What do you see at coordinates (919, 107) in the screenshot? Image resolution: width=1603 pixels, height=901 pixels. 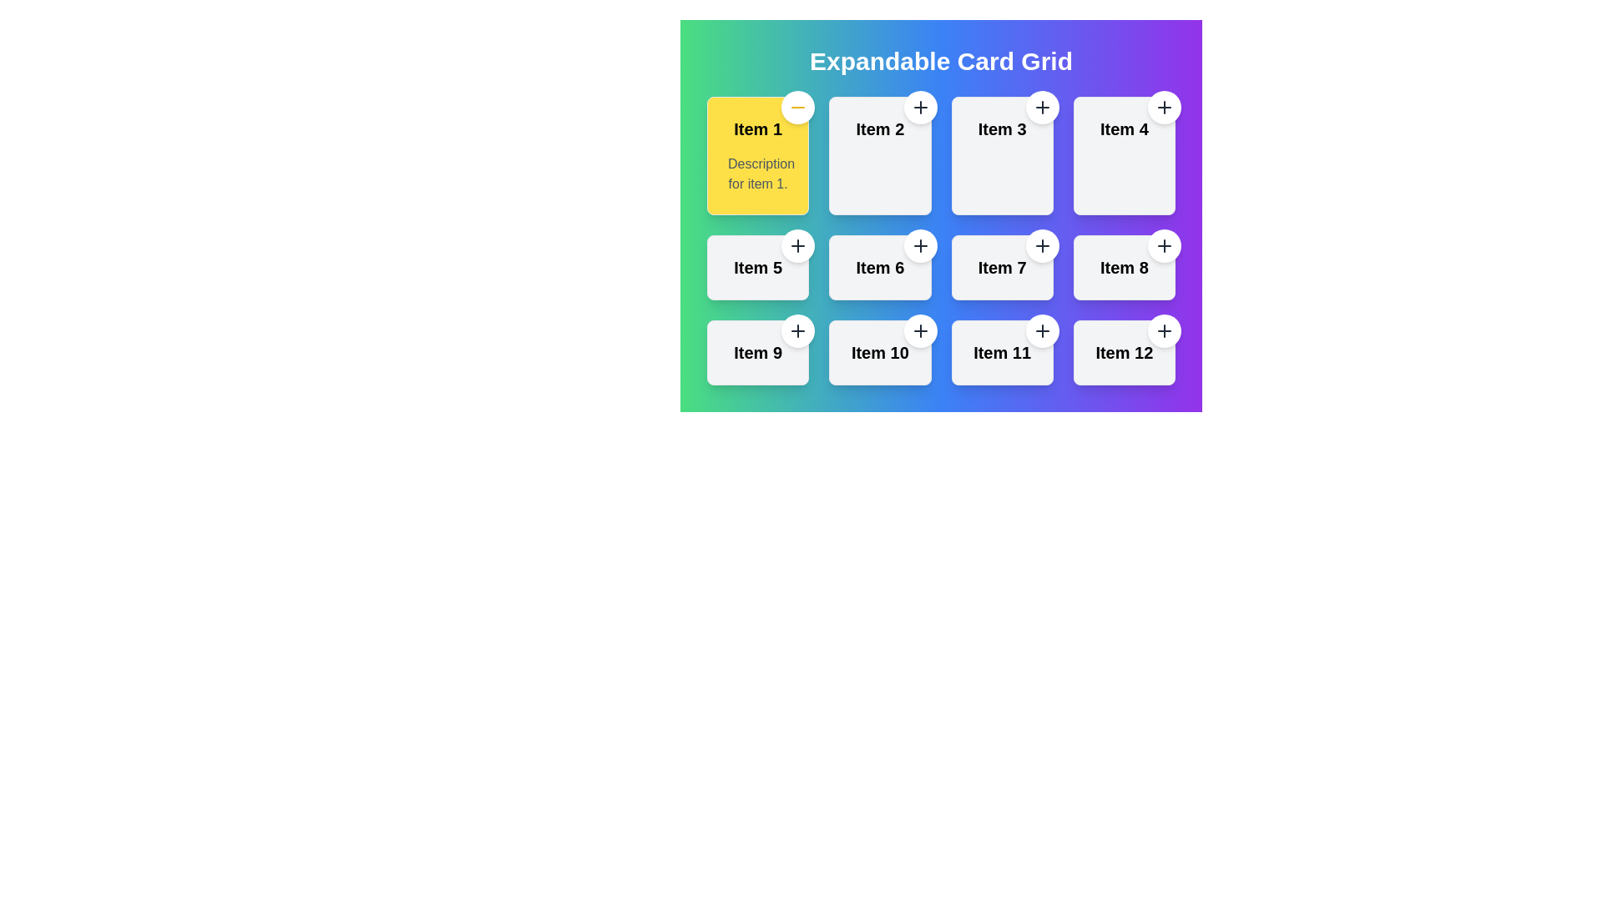 I see `the button located at the top-right corner of the 'Item 2' card` at bounding box center [919, 107].